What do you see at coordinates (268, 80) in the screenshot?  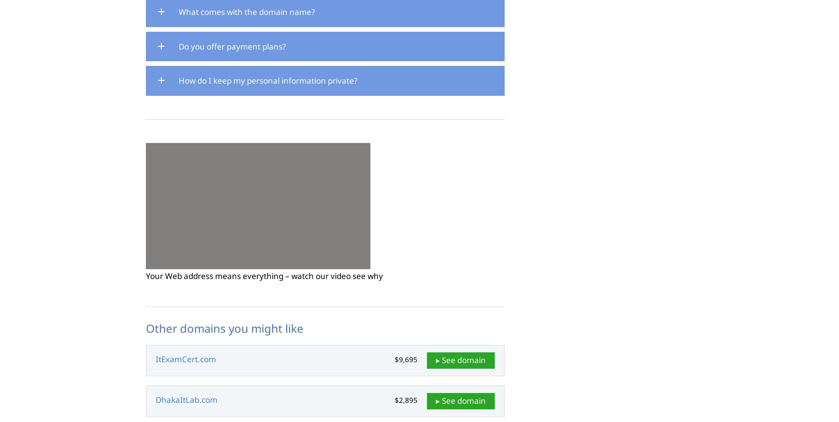 I see `'How do I keep my personal information private?'` at bounding box center [268, 80].